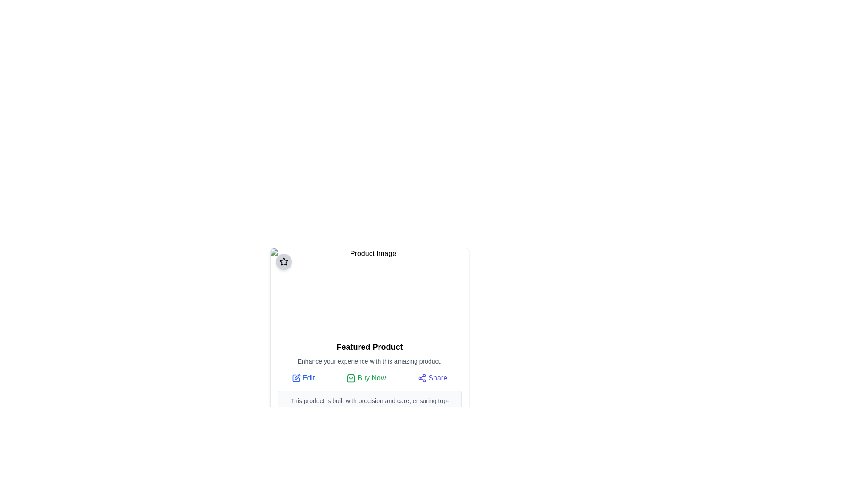 The height and width of the screenshot is (480, 853). I want to click on the edit icon located to the left of the 'Edit' text, found in the bottom section of the card beneath the product's description to initiate the edit action, so click(296, 378).